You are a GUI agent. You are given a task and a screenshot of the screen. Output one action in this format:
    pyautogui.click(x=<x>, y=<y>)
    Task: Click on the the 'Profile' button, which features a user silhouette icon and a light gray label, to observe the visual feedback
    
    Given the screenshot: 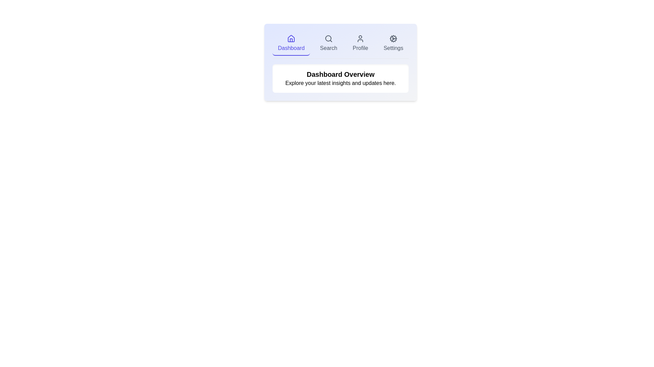 What is the action you would take?
    pyautogui.click(x=360, y=43)
    